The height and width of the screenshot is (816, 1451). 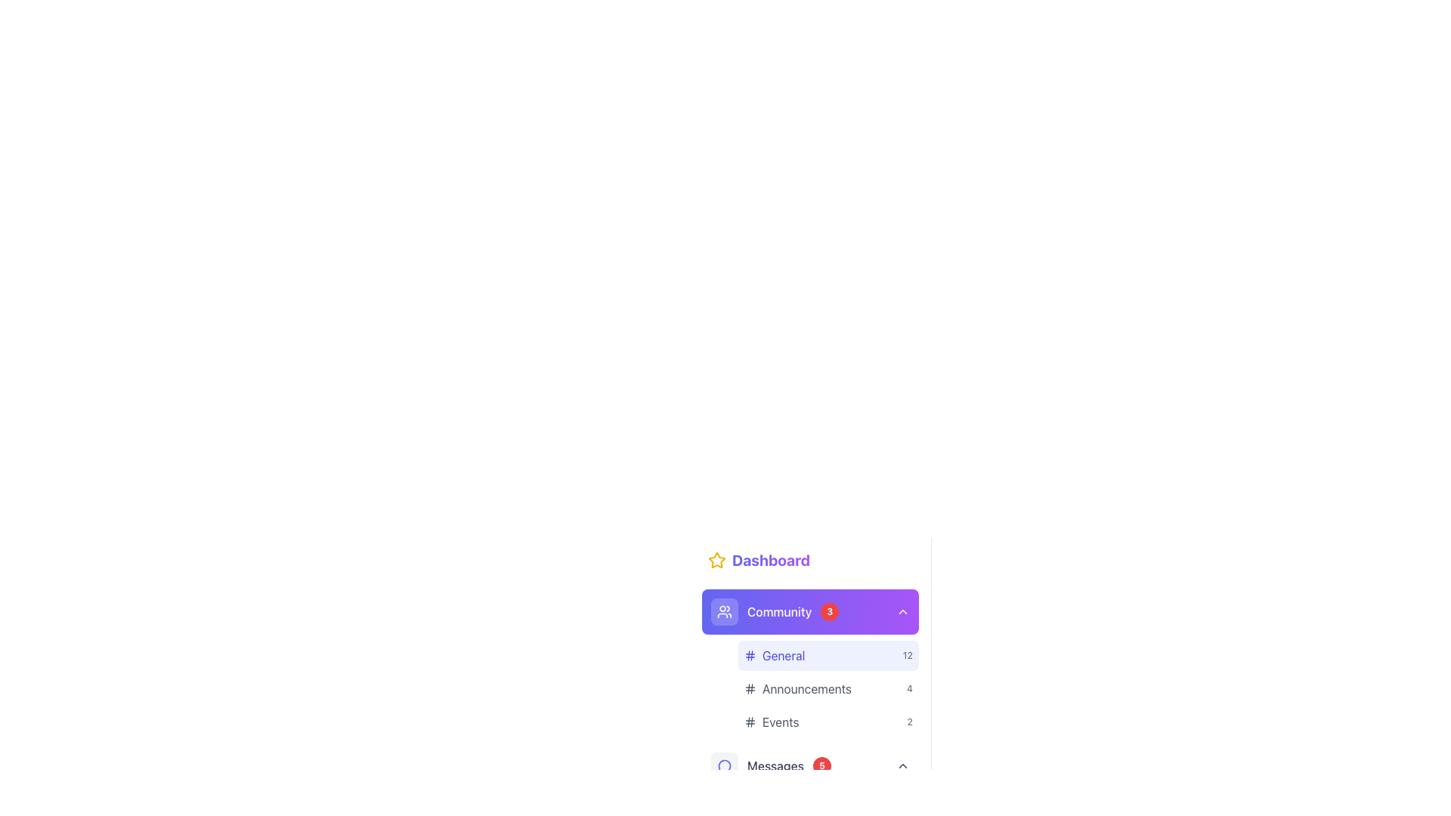 I want to click on the star icon located near the upper-left corner of the interface, adjacent to the text labeled 'Dashboard', which visually represents the feature of marking as favorite, so click(x=716, y=560).